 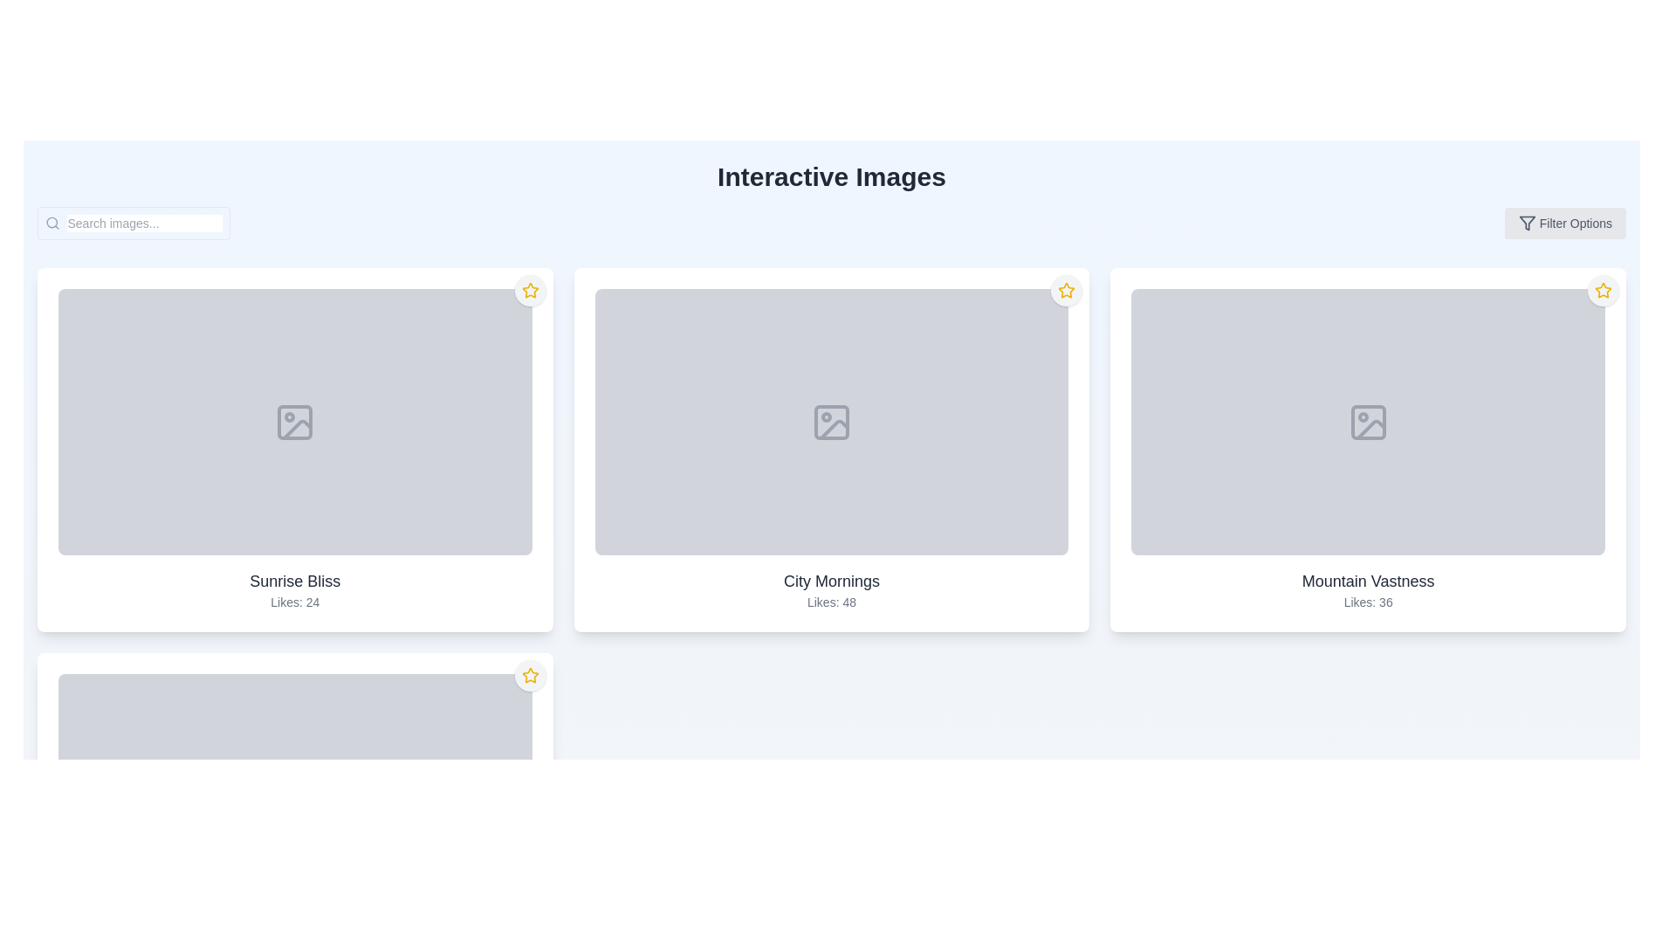 What do you see at coordinates (294, 449) in the screenshot?
I see `the first clickable card in the gallery` at bounding box center [294, 449].